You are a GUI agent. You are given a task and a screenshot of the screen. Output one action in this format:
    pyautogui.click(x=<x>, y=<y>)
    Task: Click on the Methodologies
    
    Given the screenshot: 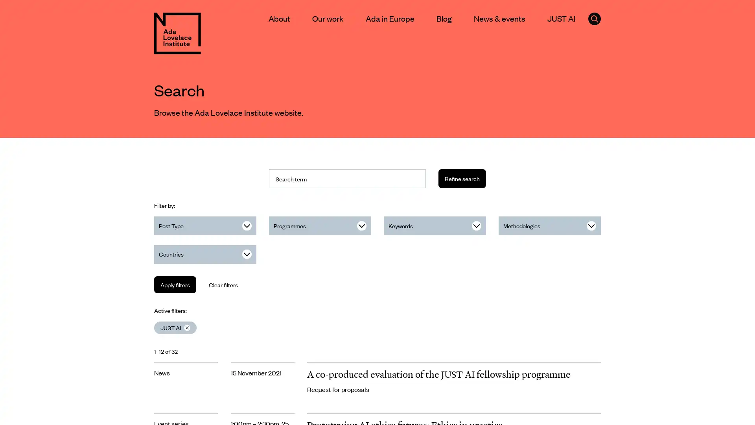 What is the action you would take?
    pyautogui.click(x=549, y=226)
    